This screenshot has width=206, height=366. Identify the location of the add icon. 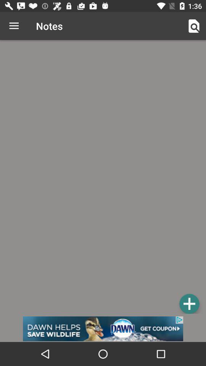
(189, 303).